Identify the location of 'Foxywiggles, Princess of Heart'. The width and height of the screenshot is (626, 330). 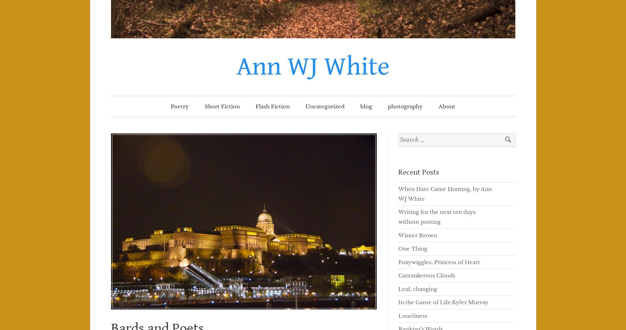
(398, 261).